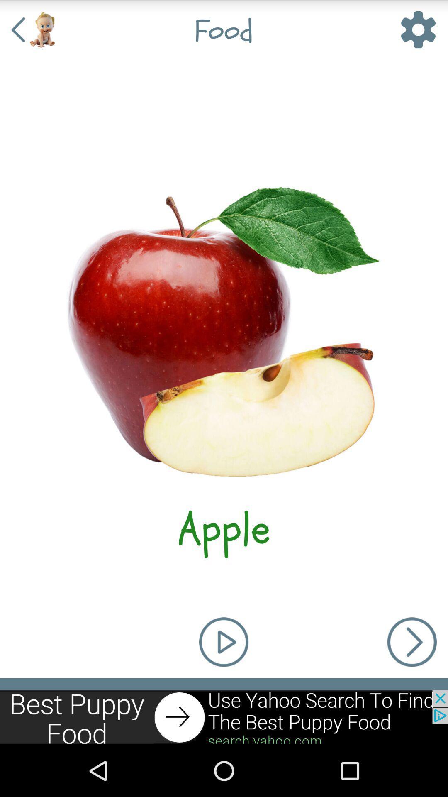 The width and height of the screenshot is (448, 797). I want to click on move, so click(224, 717).